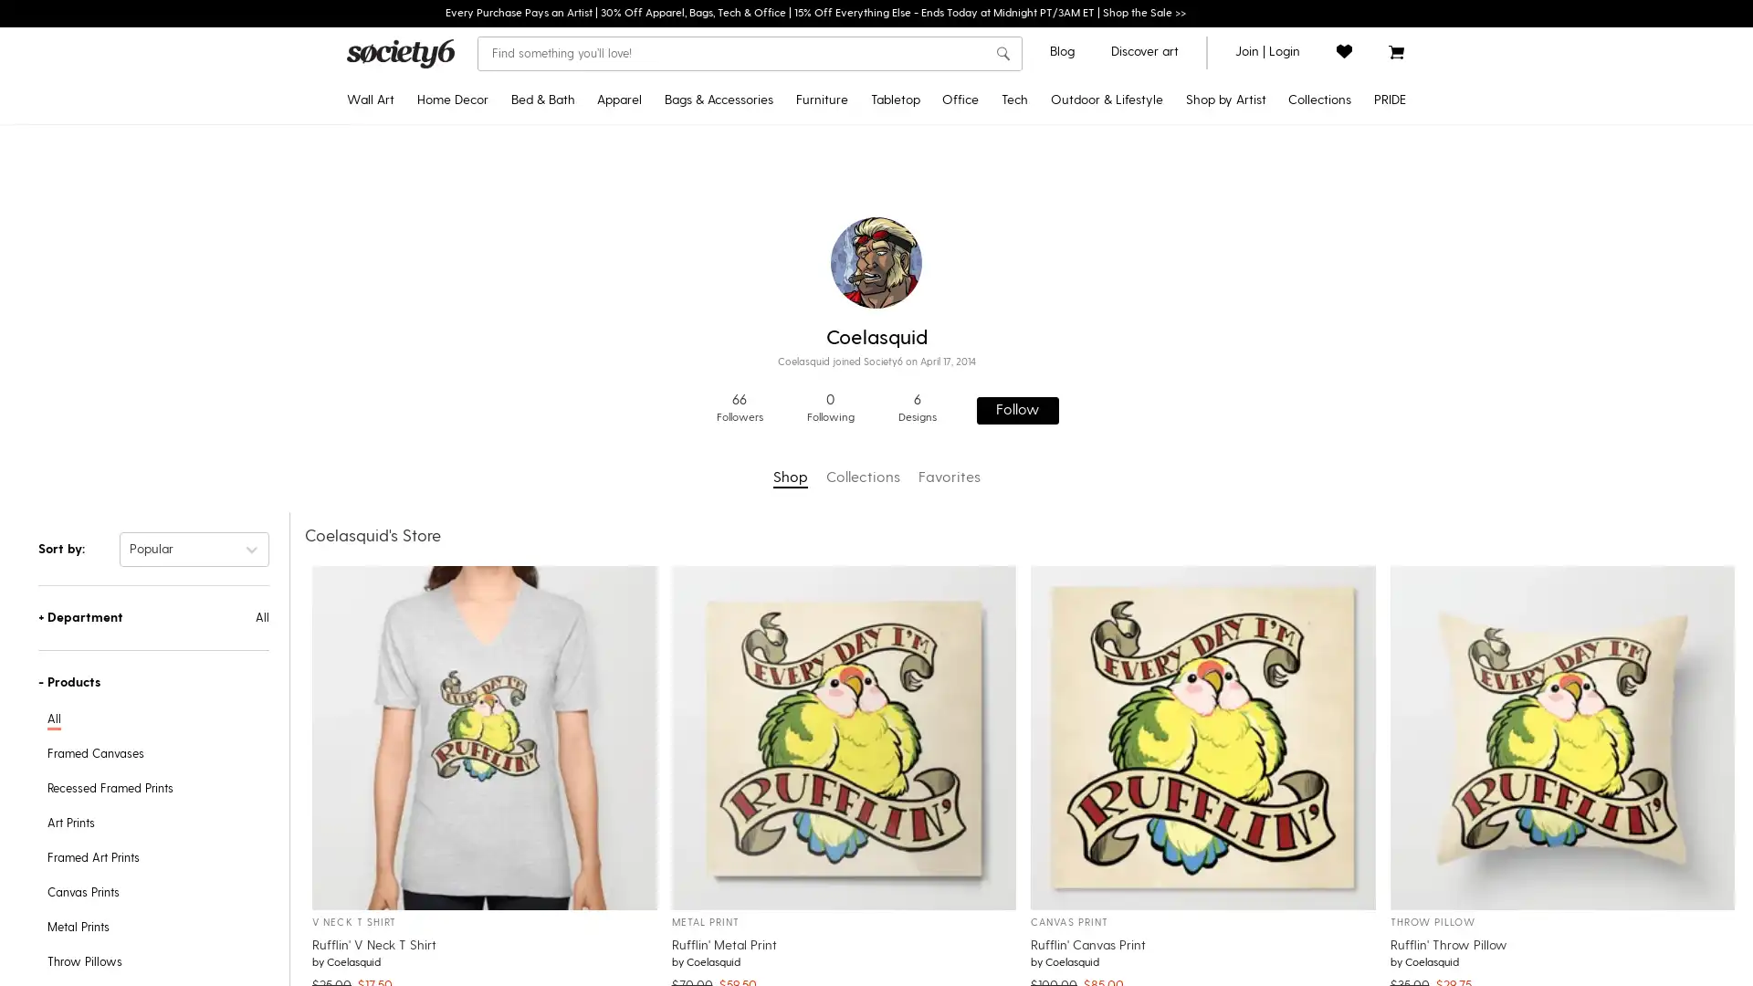  Describe the element at coordinates (1005, 205) in the screenshot. I see `Notebooks` at that location.